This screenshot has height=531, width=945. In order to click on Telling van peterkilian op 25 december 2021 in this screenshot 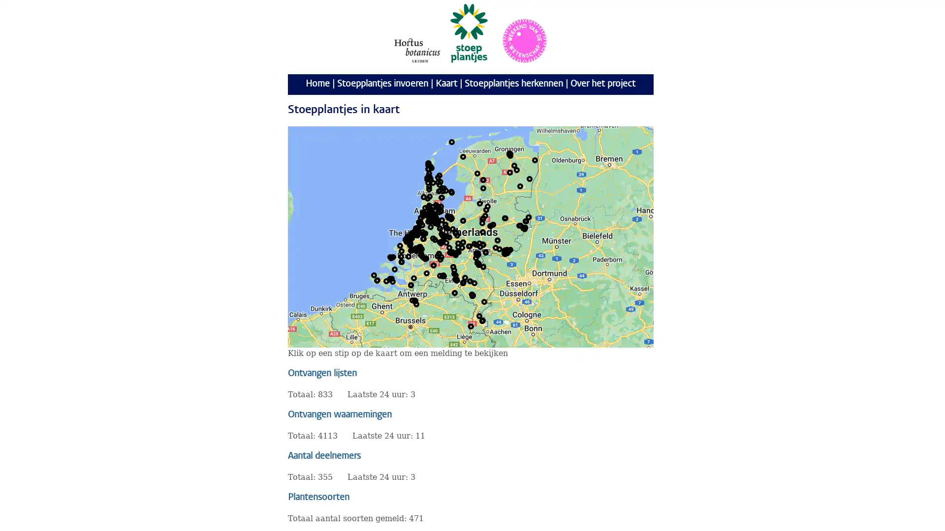, I will do `click(439, 253)`.